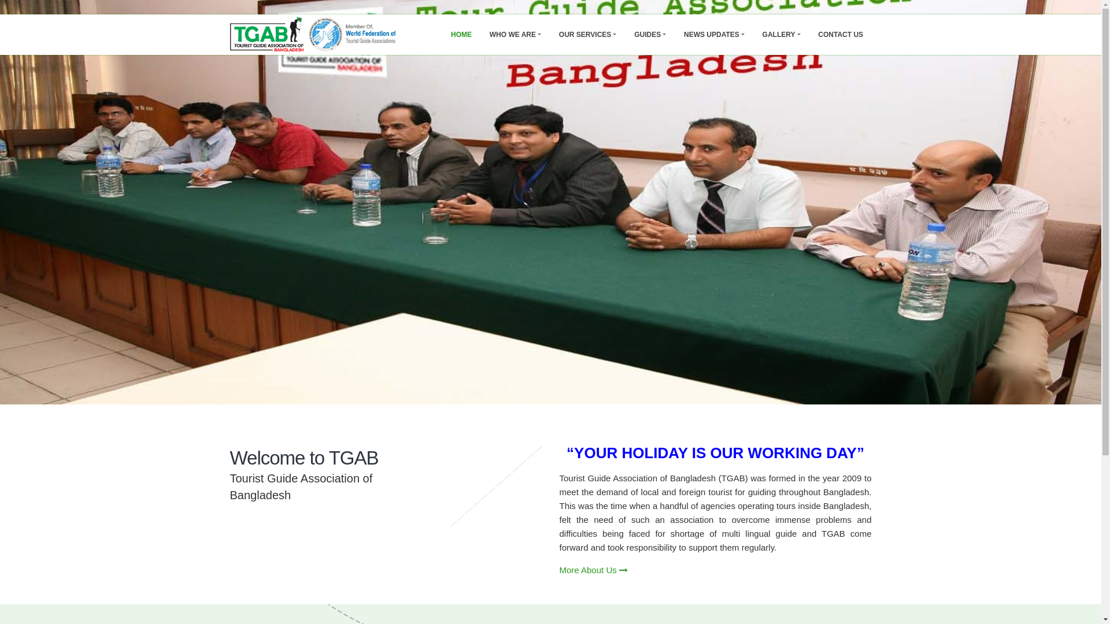  I want to click on 'More About Us', so click(594, 569).